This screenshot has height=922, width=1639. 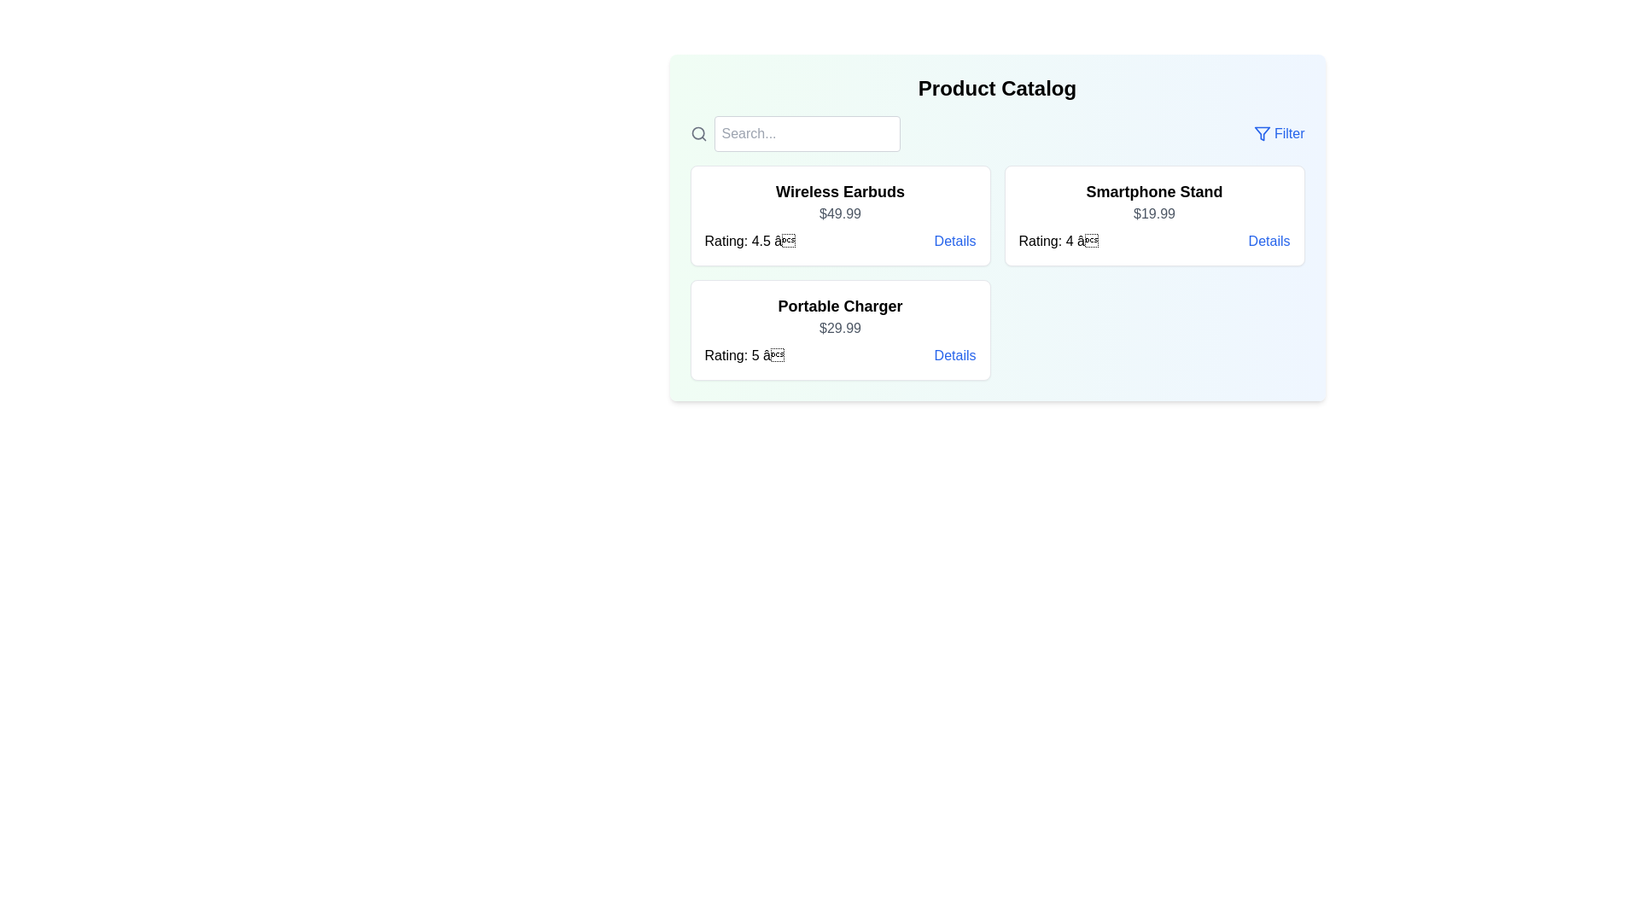 What do you see at coordinates (954, 241) in the screenshot?
I see `the 'Details' link for the product titled Wireless Earbuds` at bounding box center [954, 241].